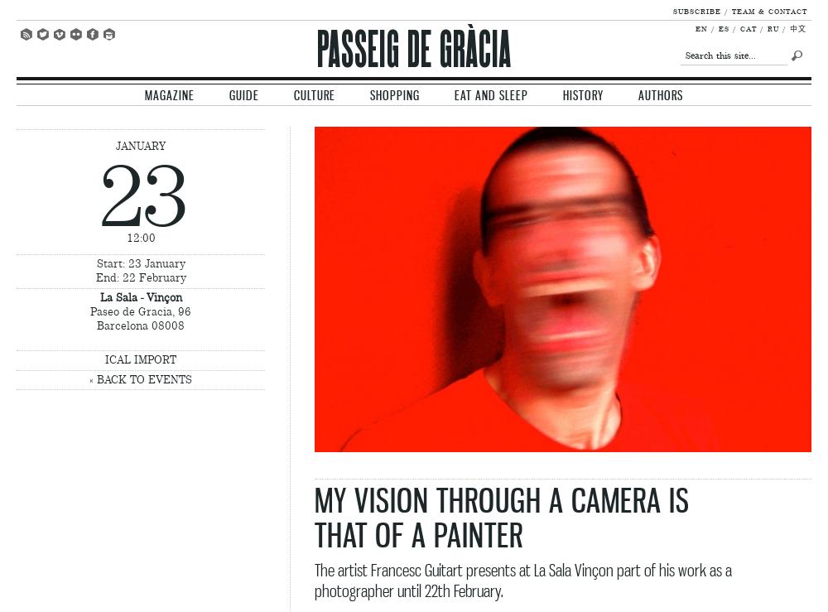 The image size is (828, 612). What do you see at coordinates (103, 32) in the screenshot?
I see `'I'` at bounding box center [103, 32].